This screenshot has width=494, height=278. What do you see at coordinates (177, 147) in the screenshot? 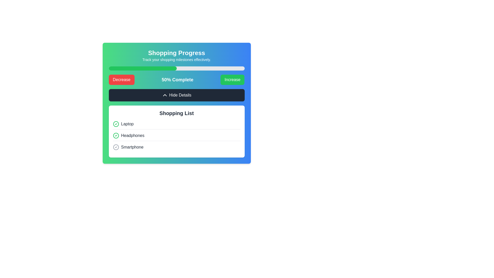
I see `the checklist item labeled 'Smartphone' in the 'Shopping List'` at bounding box center [177, 147].